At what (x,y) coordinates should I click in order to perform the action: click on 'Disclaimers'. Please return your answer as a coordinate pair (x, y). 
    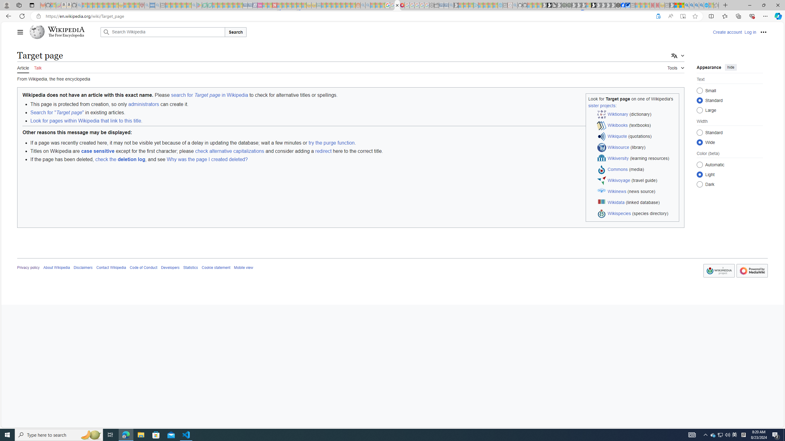
    Looking at the image, I should click on (83, 267).